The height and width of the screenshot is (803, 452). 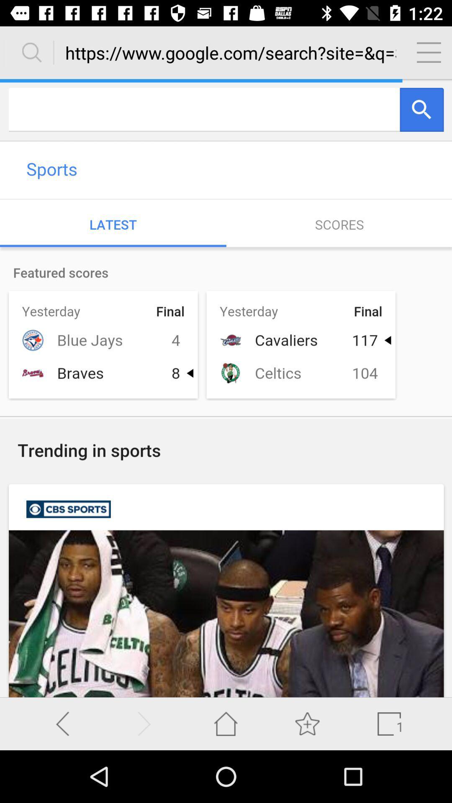 I want to click on setting, so click(x=429, y=52).